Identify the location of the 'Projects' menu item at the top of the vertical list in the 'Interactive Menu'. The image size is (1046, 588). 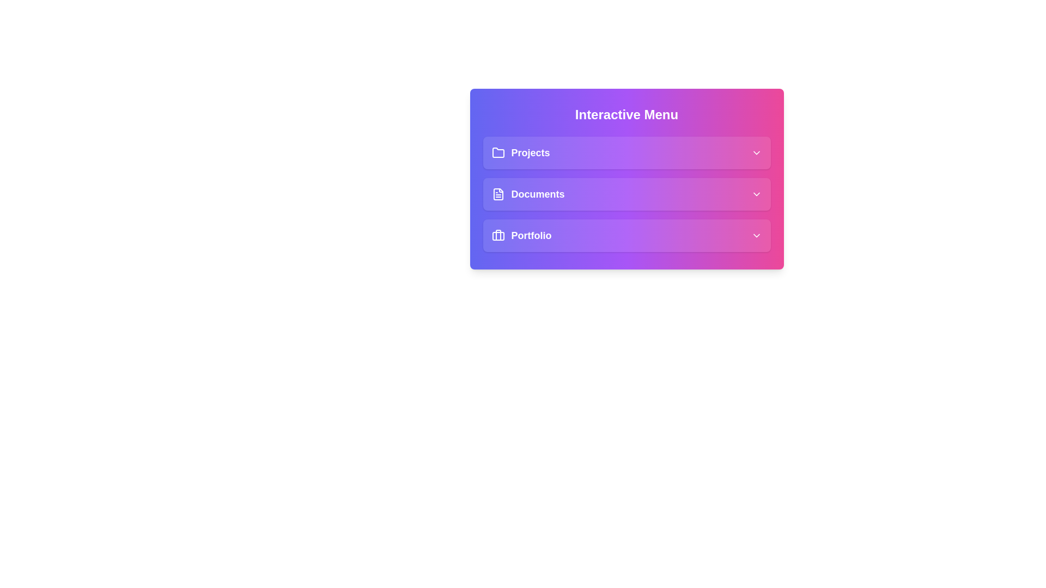
(627, 153).